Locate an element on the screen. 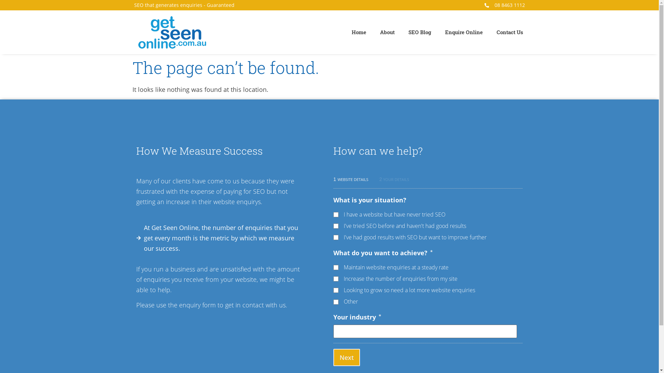 The image size is (664, 373). 'Next' is located at coordinates (347, 357).